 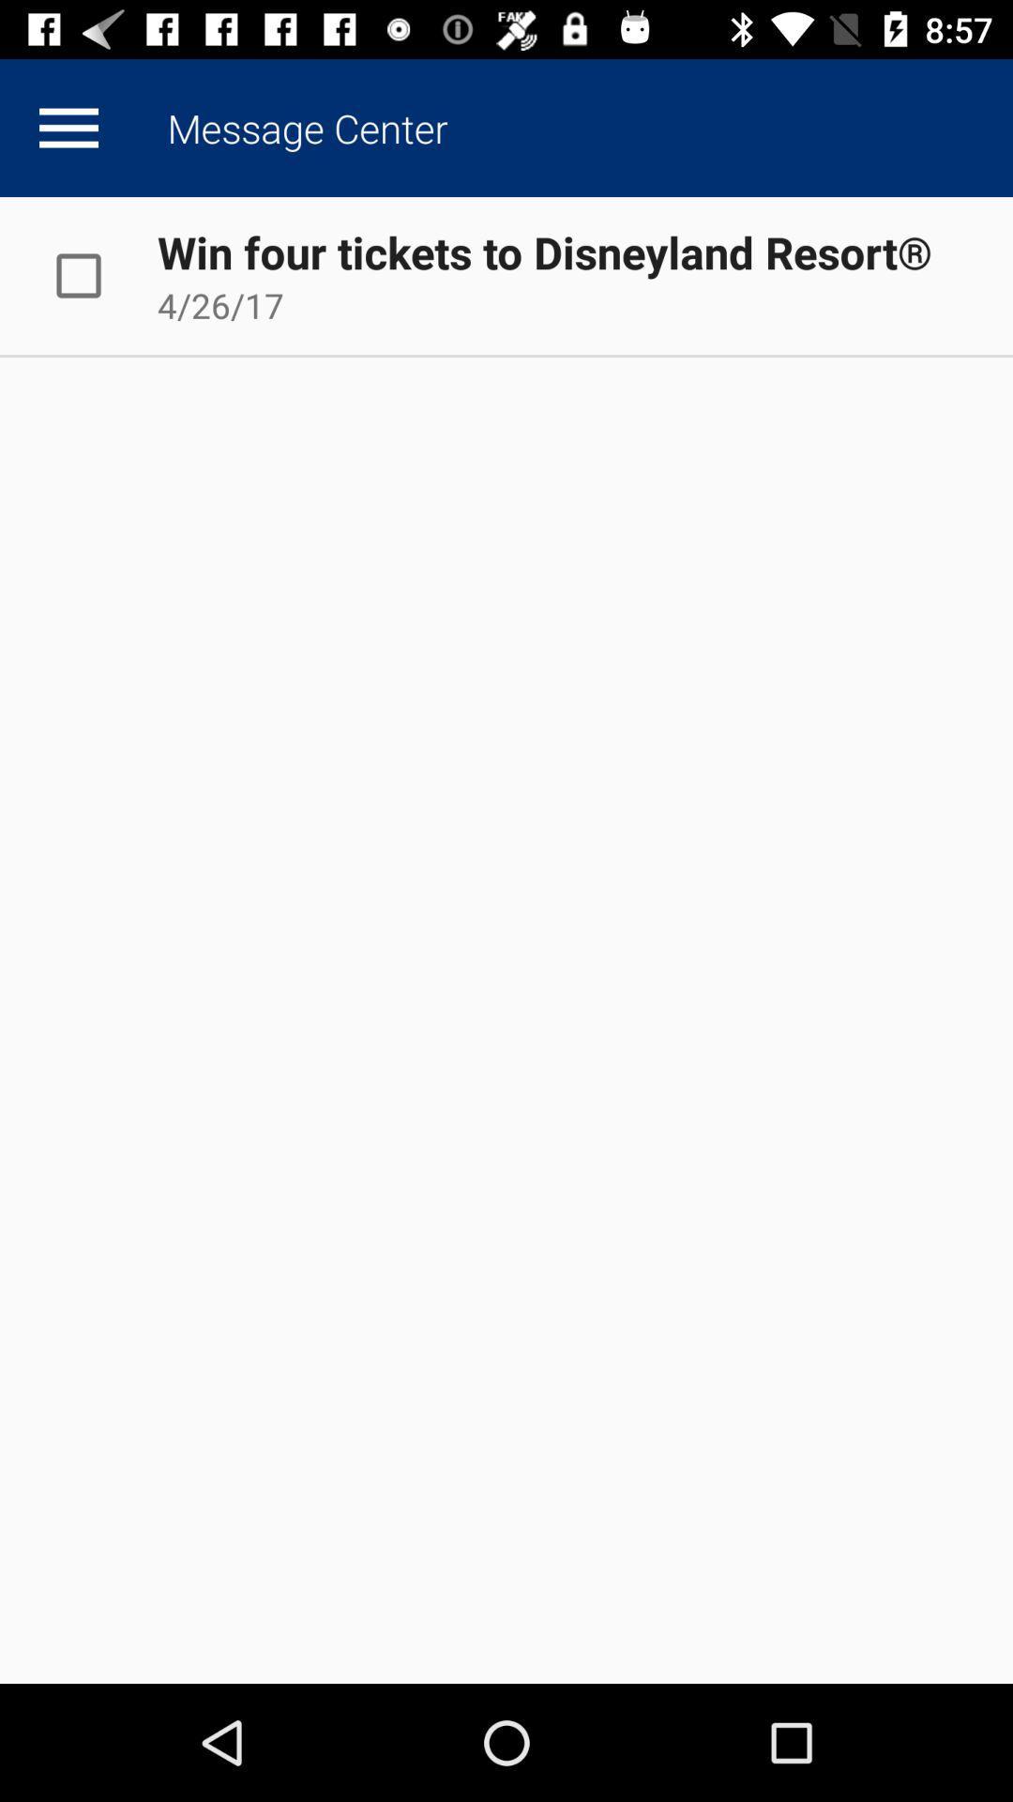 What do you see at coordinates (544, 251) in the screenshot?
I see `app above 4/26/17` at bounding box center [544, 251].